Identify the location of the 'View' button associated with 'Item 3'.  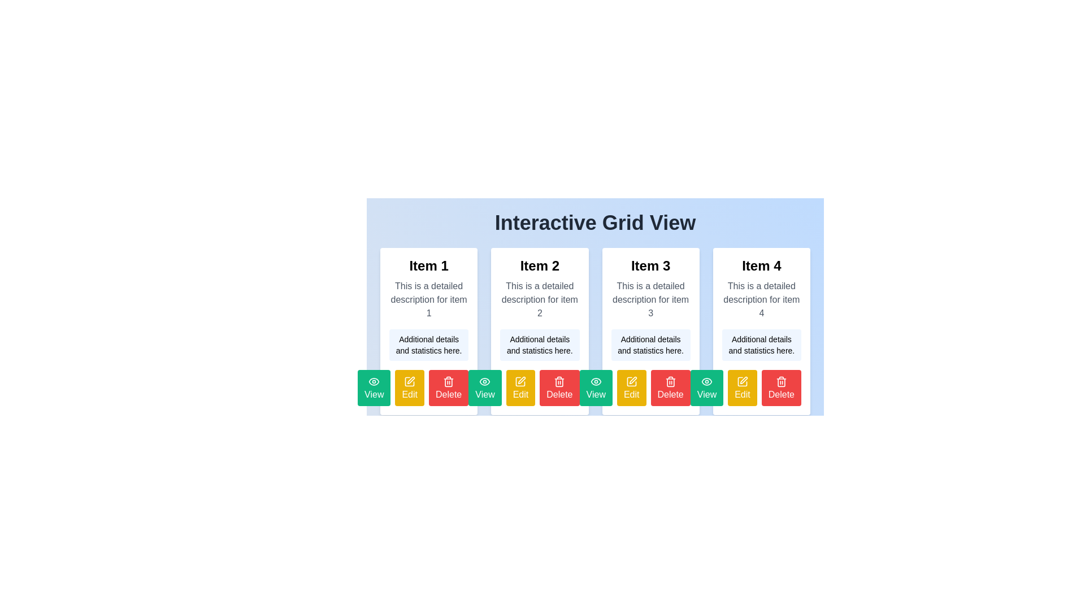
(706, 387).